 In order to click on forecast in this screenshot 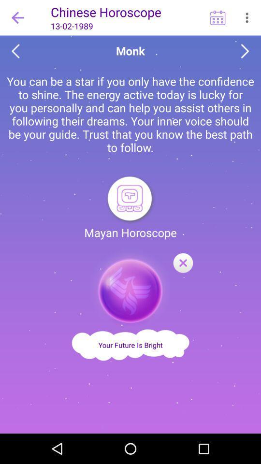, I will do `click(183, 263)`.